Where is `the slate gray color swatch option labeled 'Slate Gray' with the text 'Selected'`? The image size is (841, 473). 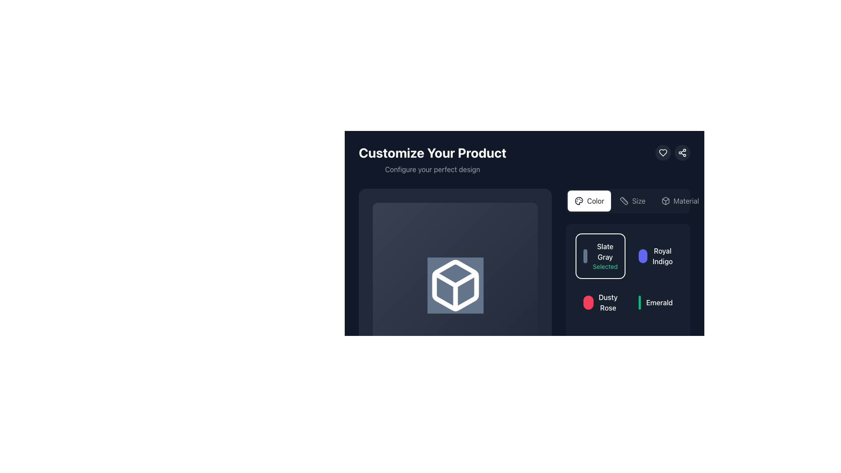 the slate gray color swatch option labeled 'Slate Gray' with the text 'Selected' is located at coordinates (600, 256).